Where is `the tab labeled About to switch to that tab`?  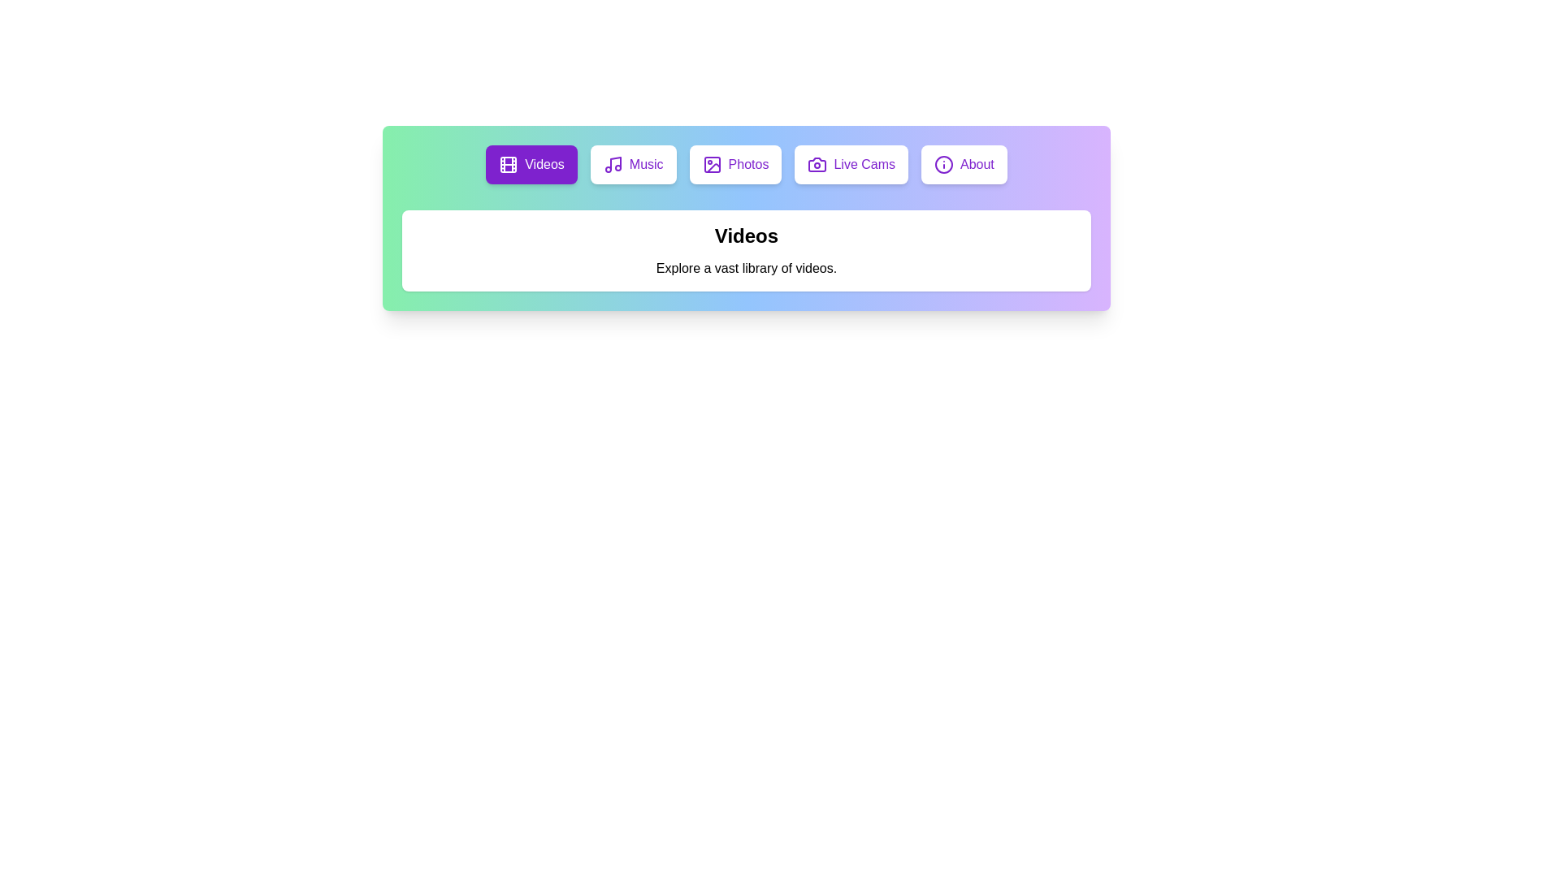 the tab labeled About to switch to that tab is located at coordinates (964, 165).